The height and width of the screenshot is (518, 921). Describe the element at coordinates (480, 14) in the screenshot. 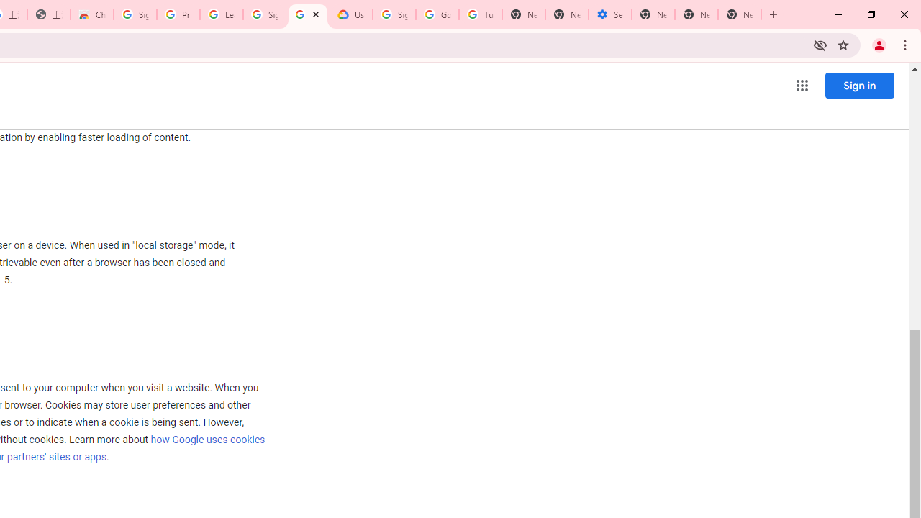

I see `'Turn cookies on or off - Computer - Google Account Help'` at that location.